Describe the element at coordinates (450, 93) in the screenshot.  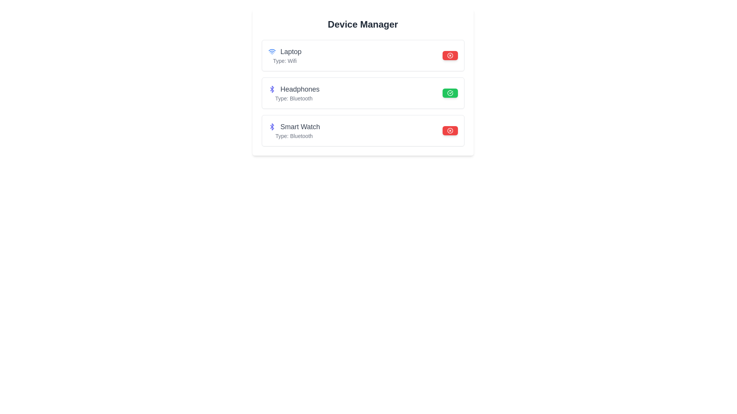
I see `the circular checkmark icon within the green button that confirms the status of the 'Headphones' entry` at that location.